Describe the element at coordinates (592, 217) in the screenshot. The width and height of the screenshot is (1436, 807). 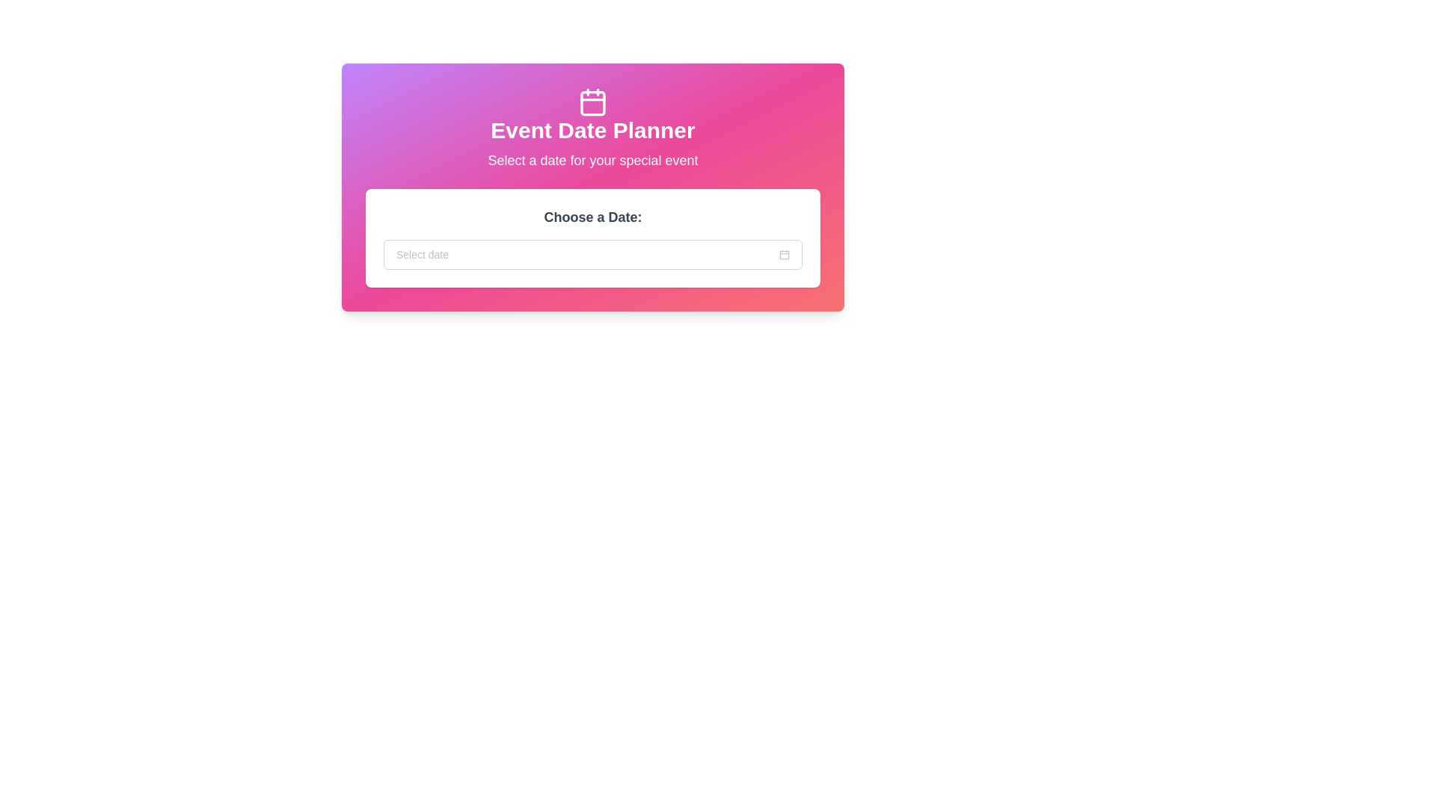
I see `the Text Label that introduces the date picker input field located at the middle-top of the white rectangular card` at that location.